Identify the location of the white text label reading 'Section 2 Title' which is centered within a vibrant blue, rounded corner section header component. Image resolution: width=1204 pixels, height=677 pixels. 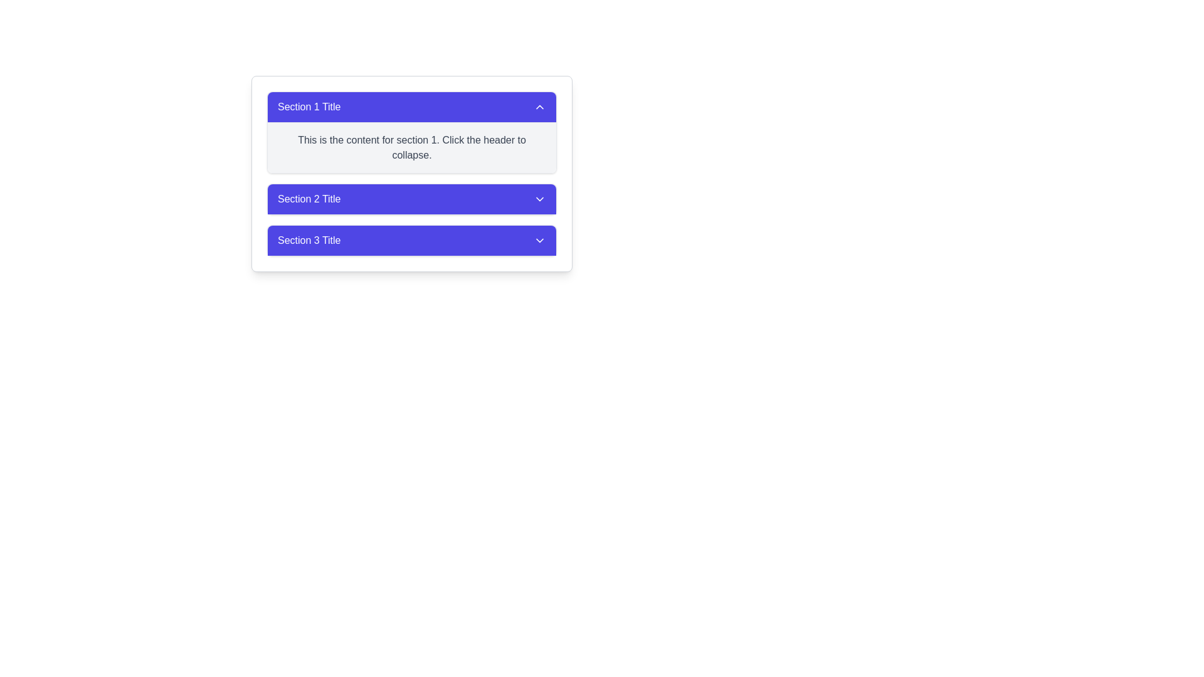
(309, 198).